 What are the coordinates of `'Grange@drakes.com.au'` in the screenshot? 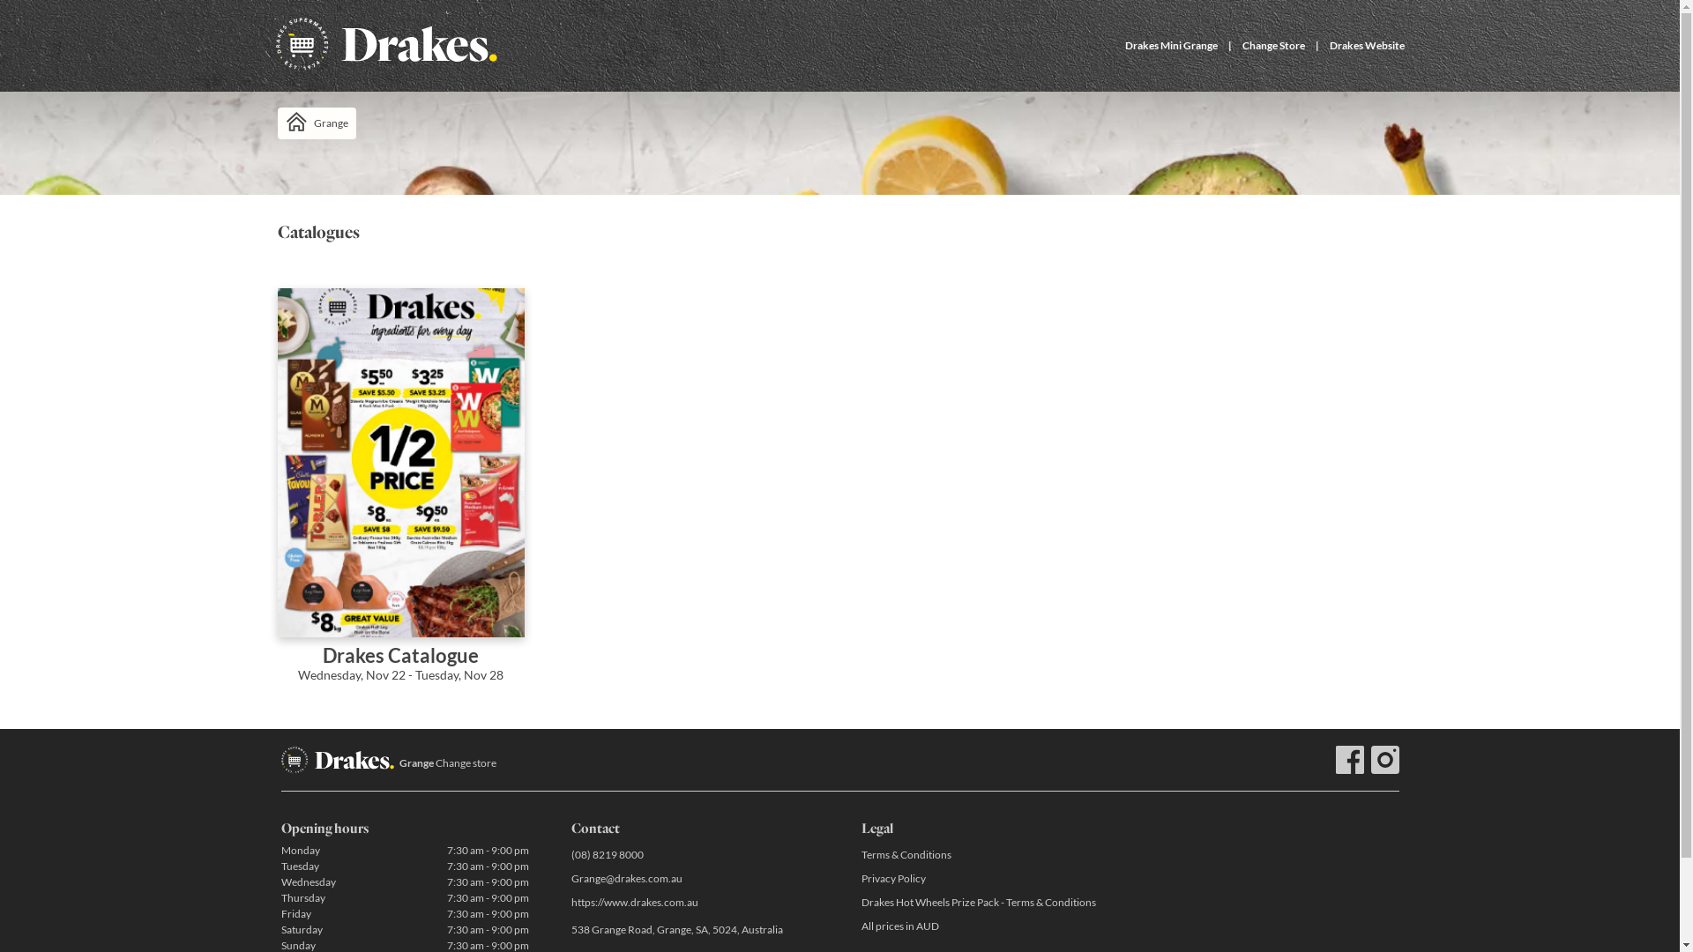 It's located at (694, 878).